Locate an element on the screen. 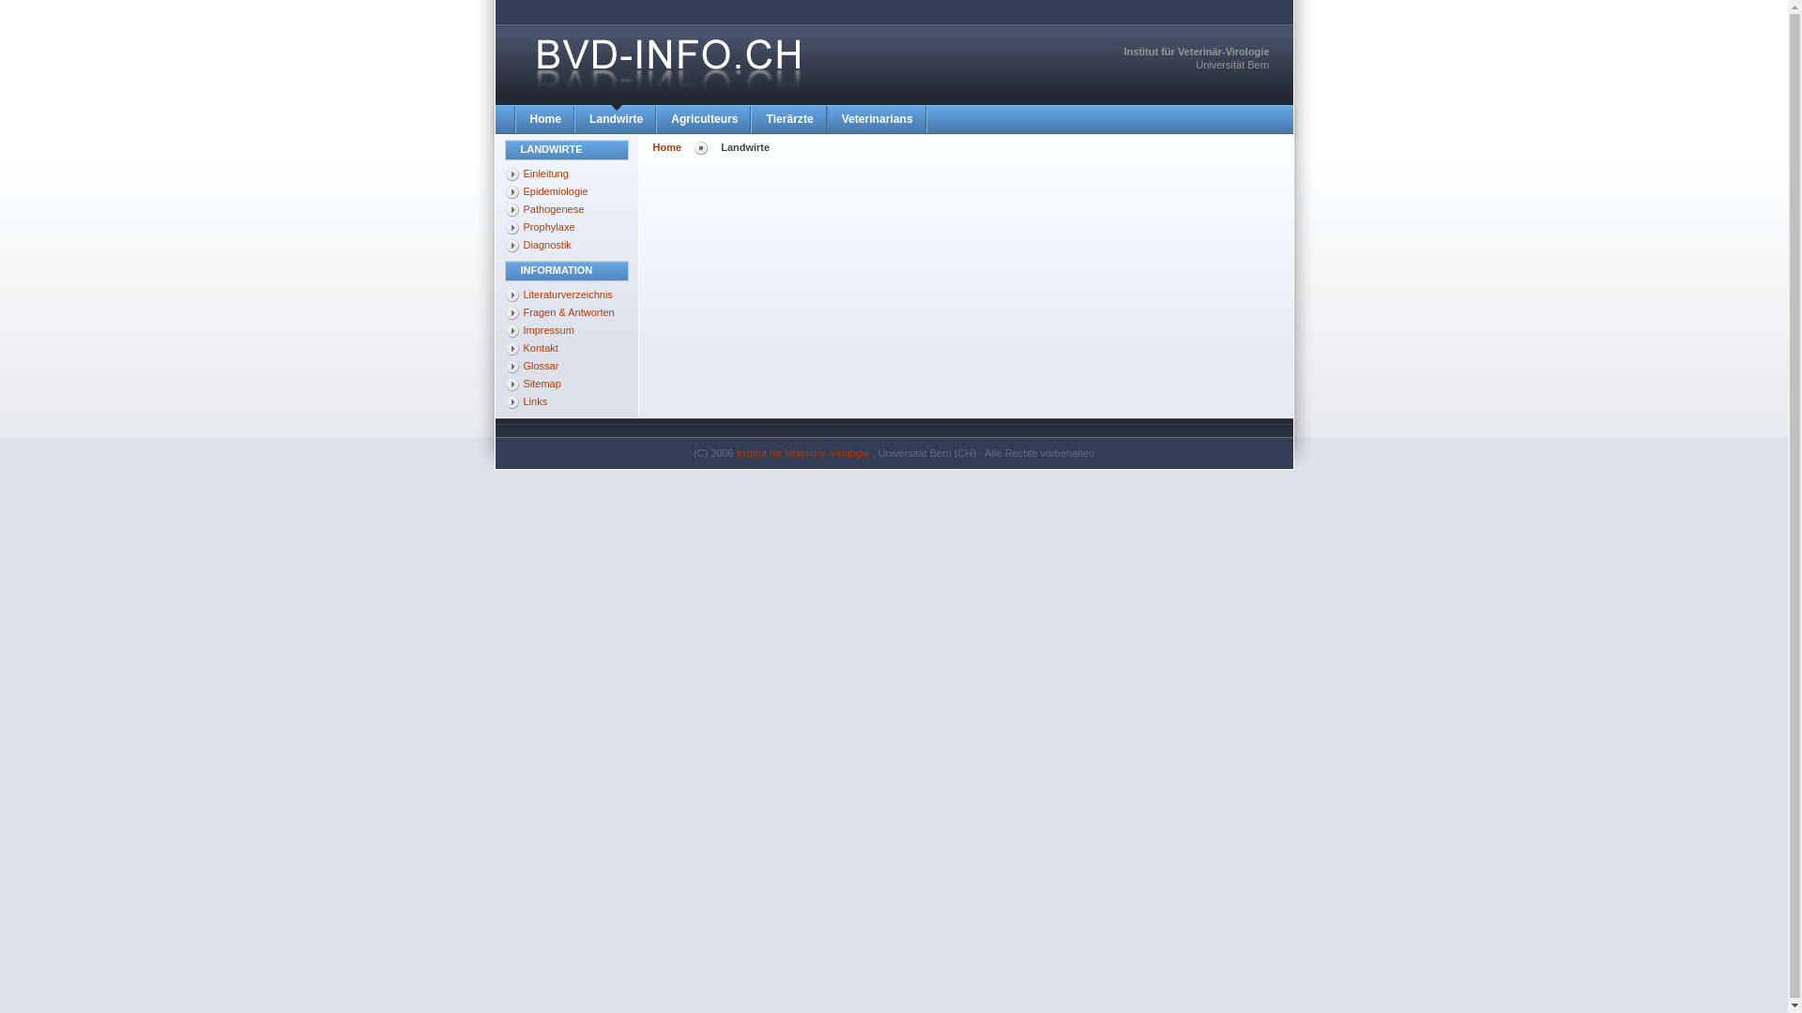 This screenshot has width=1802, height=1013. 'Impressum' is located at coordinates (566, 328).